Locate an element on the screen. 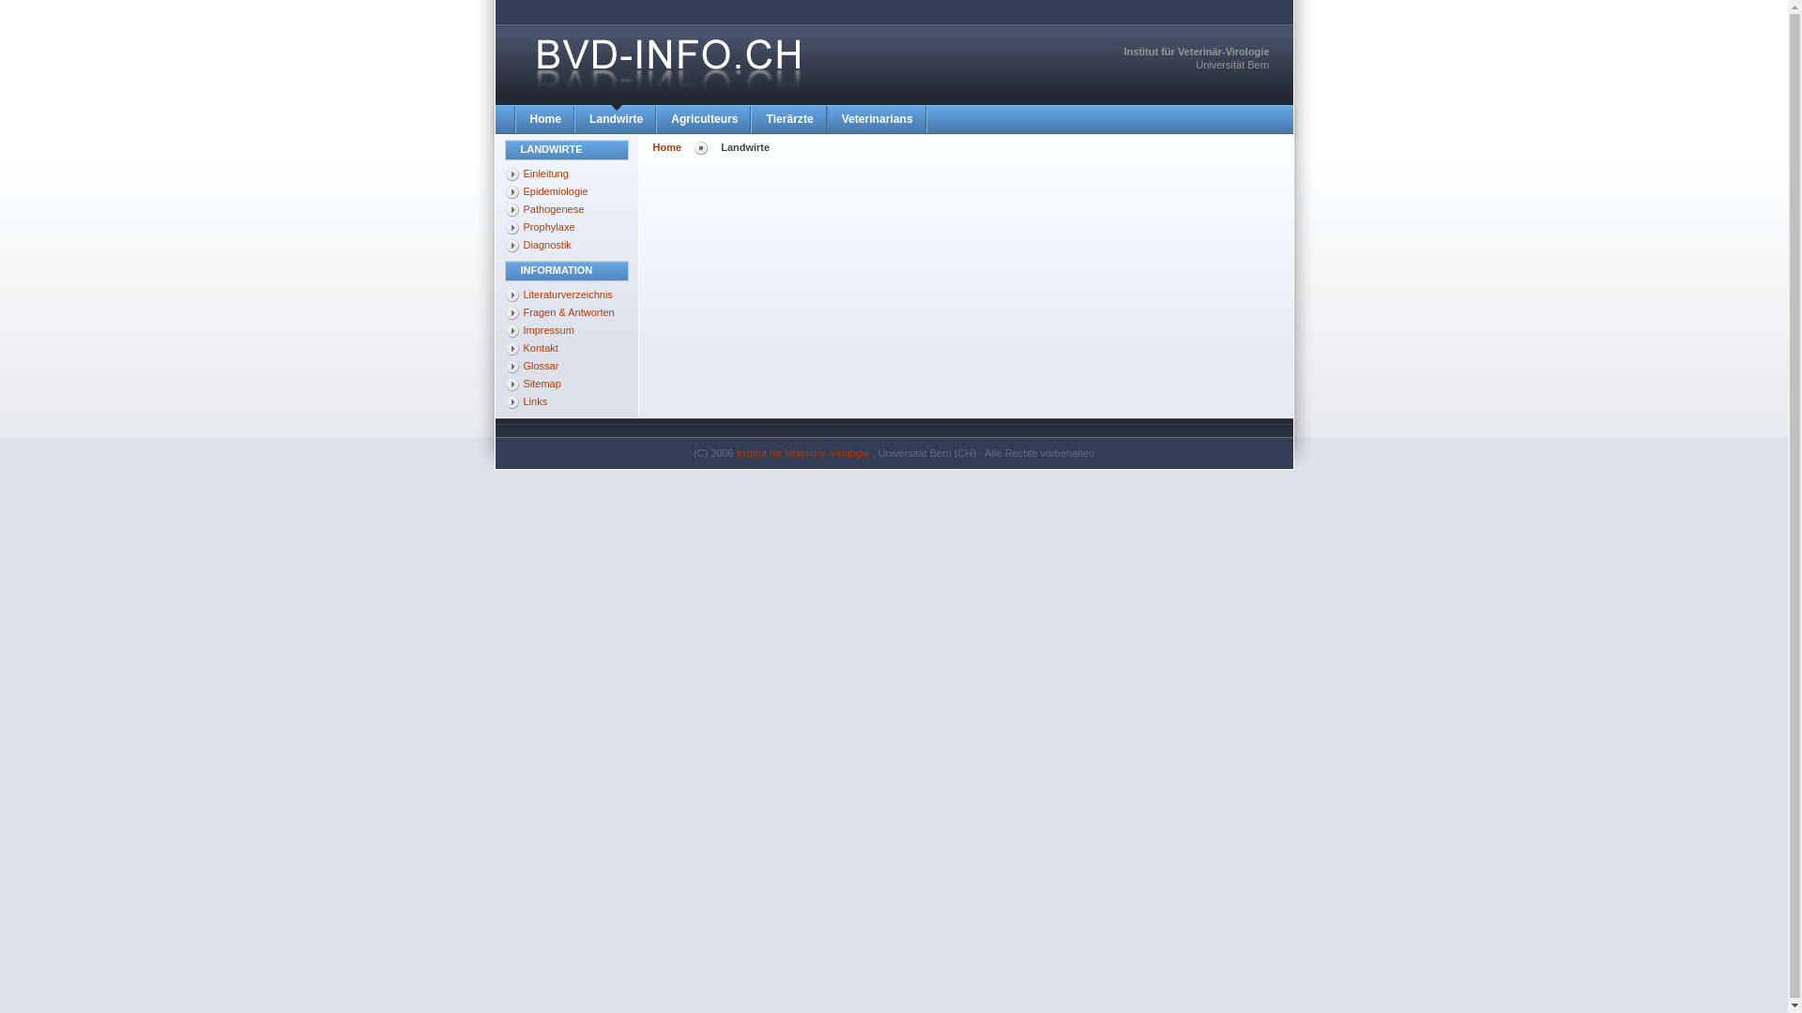 This screenshot has width=1802, height=1013. 'Impressum' is located at coordinates (566, 328).